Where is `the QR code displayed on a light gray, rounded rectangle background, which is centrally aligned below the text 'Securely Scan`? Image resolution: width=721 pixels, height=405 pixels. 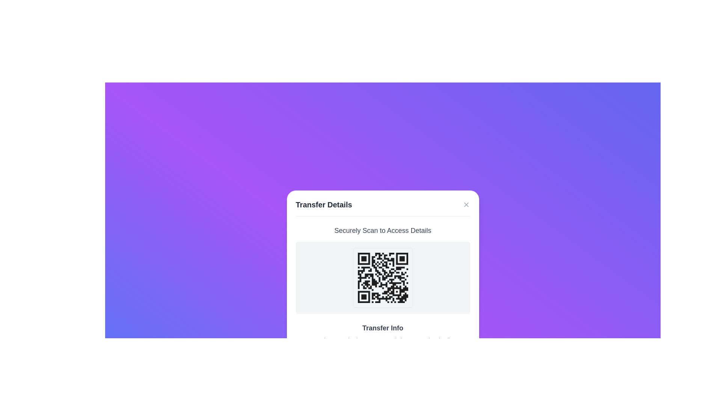 the QR code displayed on a light gray, rounded rectangle background, which is centrally aligned below the text 'Securely Scan is located at coordinates (383, 277).